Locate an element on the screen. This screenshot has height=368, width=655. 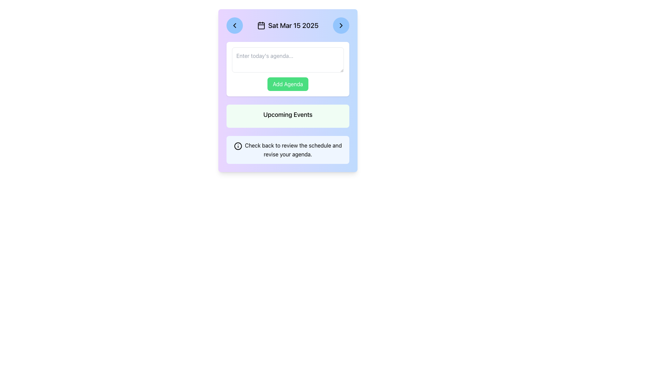
the 'Add Agenda' button with a green background and white text to trigger the visual color change effect is located at coordinates (288, 83).